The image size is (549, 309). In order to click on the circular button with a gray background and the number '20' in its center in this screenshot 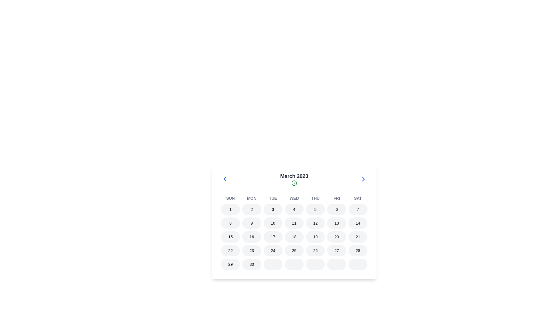, I will do `click(337, 237)`.